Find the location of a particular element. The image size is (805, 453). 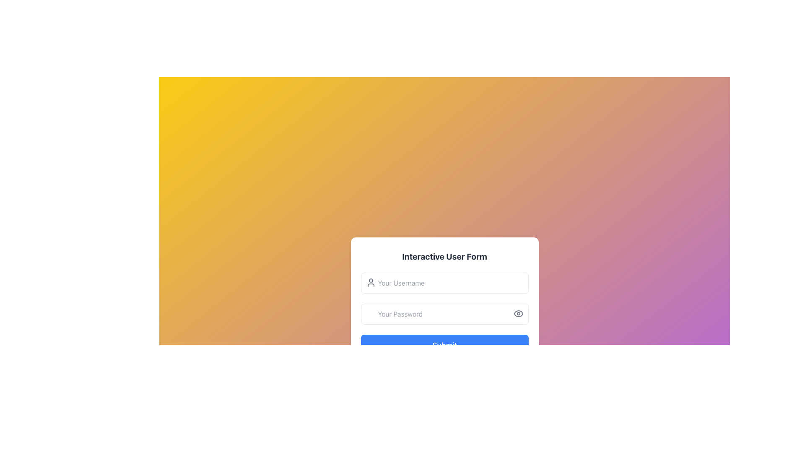

the submission button located at the bottom of the form is located at coordinates (444, 346).